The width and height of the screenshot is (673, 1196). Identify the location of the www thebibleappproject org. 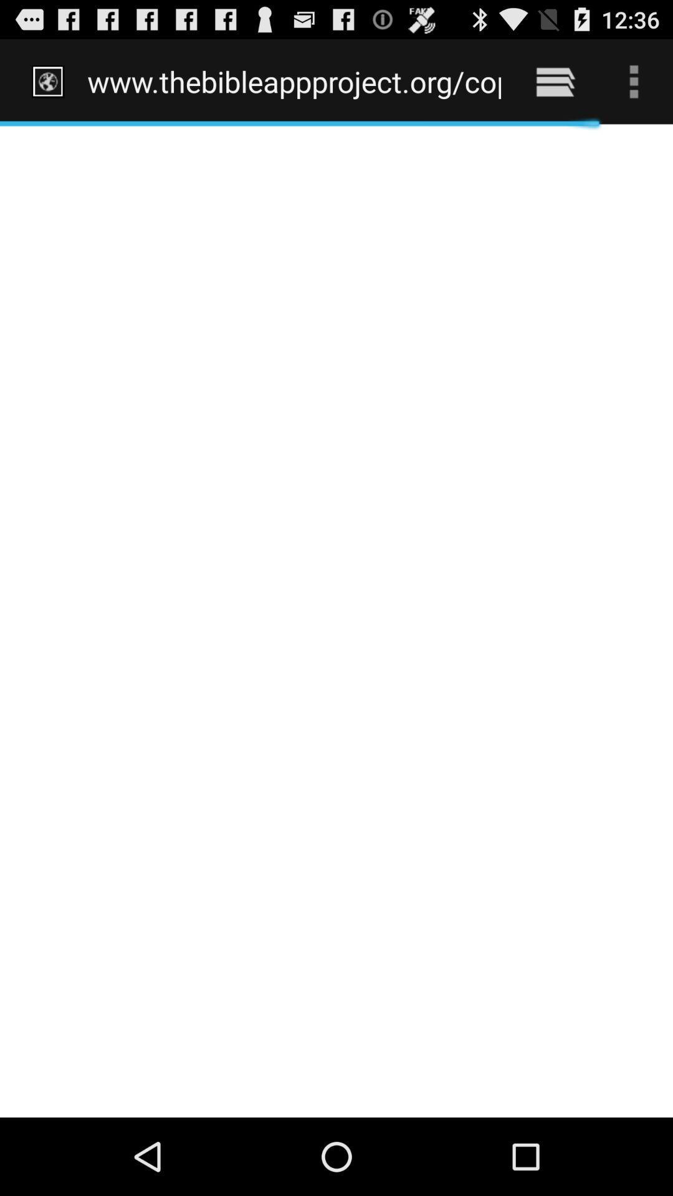
(294, 81).